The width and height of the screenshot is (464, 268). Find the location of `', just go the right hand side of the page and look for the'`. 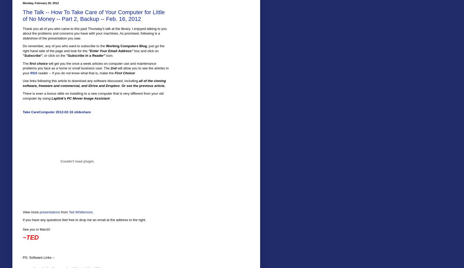

', just go the right hand side of the page and look for the' is located at coordinates (93, 48).